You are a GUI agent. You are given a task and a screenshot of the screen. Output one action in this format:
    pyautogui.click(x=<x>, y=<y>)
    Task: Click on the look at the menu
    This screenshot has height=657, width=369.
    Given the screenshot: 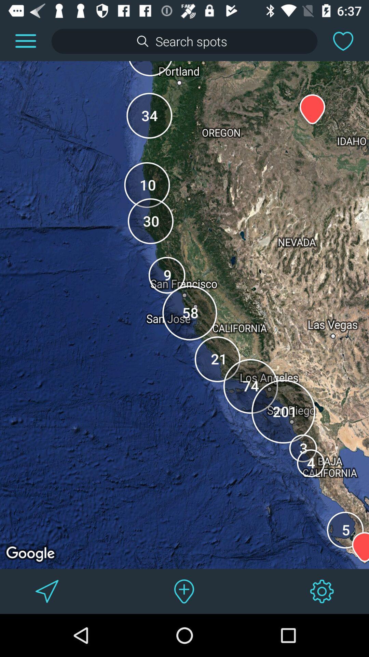 What is the action you would take?
    pyautogui.click(x=25, y=41)
    